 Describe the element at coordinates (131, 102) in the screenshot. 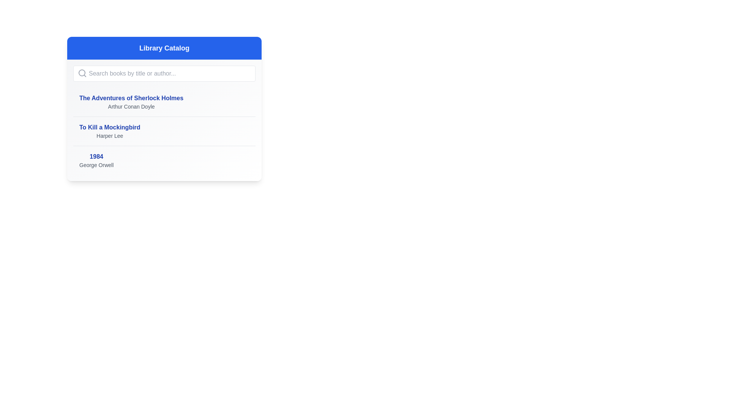

I see `the text block titled 'The Adventures of Sherlock Holmes' by 'Arthur Conan Doyle', which is the first item in the library catalog section directly below the search bar` at that location.